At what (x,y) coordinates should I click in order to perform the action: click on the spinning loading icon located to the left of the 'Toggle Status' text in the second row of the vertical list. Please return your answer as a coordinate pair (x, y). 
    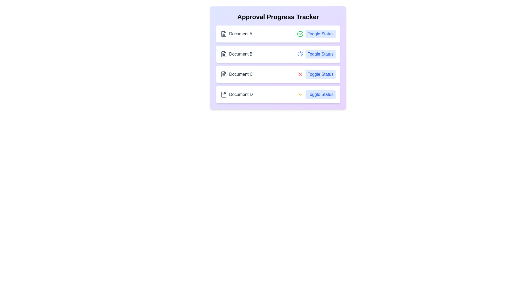
    Looking at the image, I should click on (300, 54).